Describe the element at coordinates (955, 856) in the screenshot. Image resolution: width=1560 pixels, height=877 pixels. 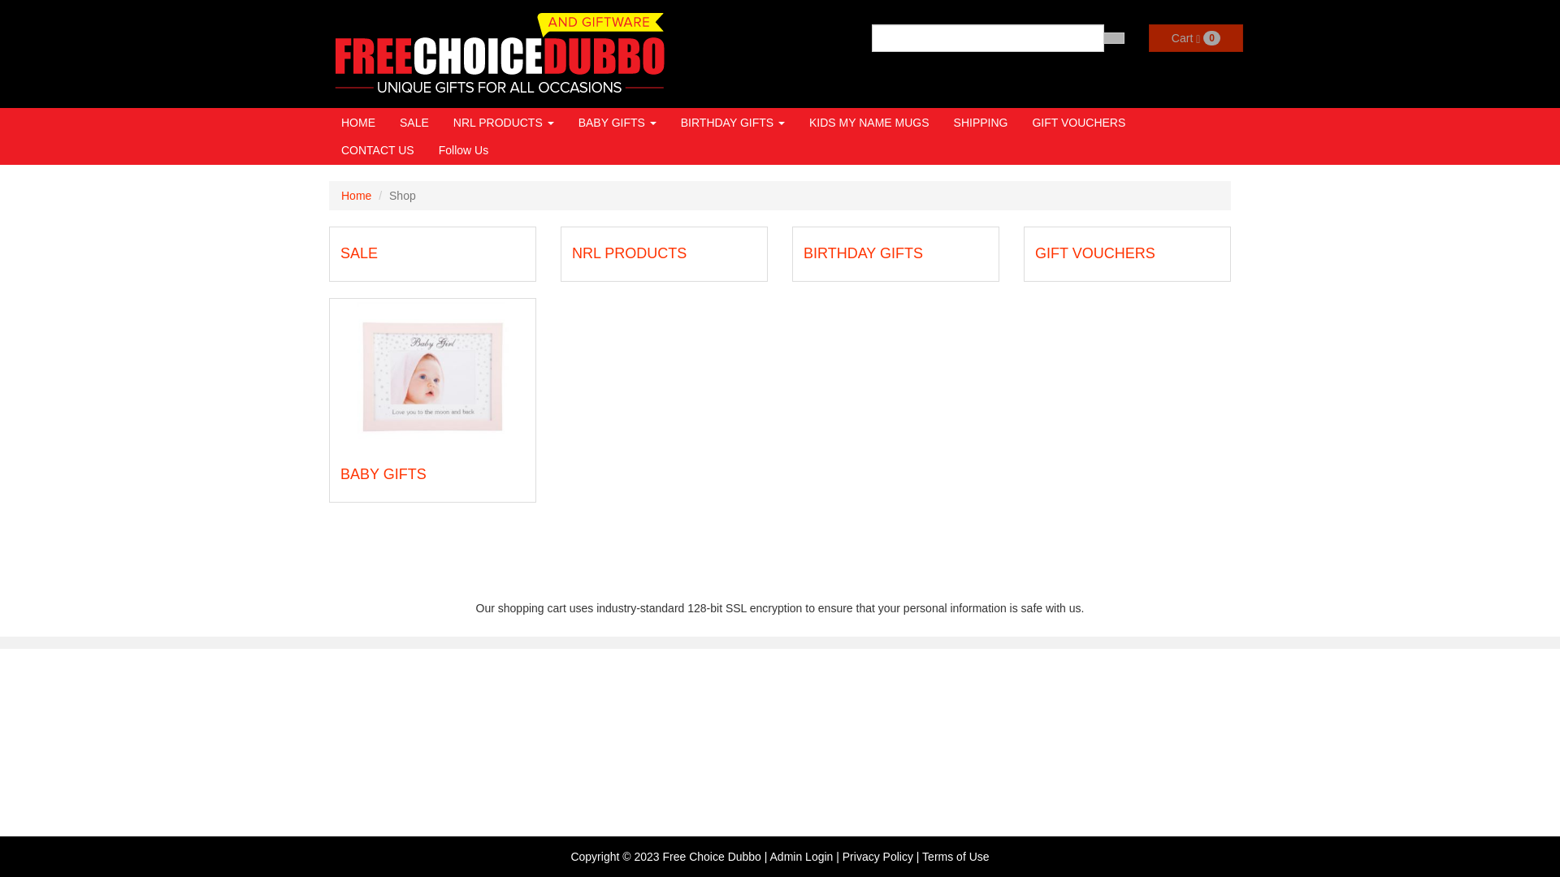
I see `'Terms of Use'` at that location.